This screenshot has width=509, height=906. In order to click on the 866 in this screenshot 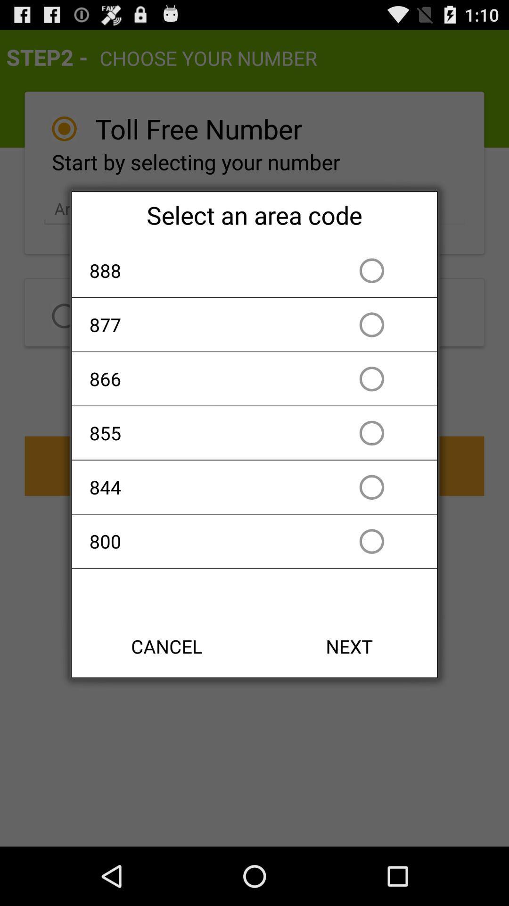, I will do `click(200, 378)`.